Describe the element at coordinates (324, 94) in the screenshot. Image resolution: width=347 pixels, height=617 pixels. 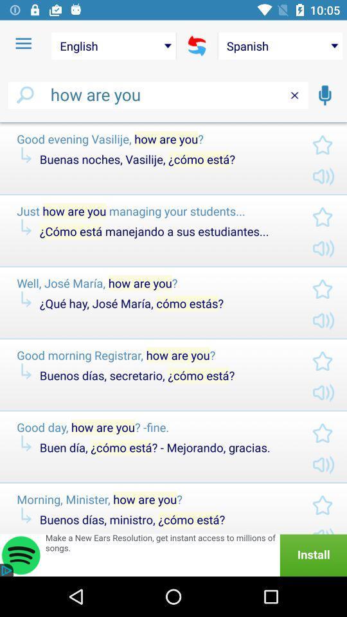
I see `the voice search symbol` at that location.